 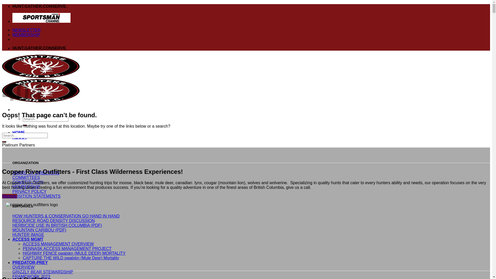 I want to click on 'HERBICIDE USE IN BRITISH COLUMBIA (PDF)', so click(x=57, y=225).